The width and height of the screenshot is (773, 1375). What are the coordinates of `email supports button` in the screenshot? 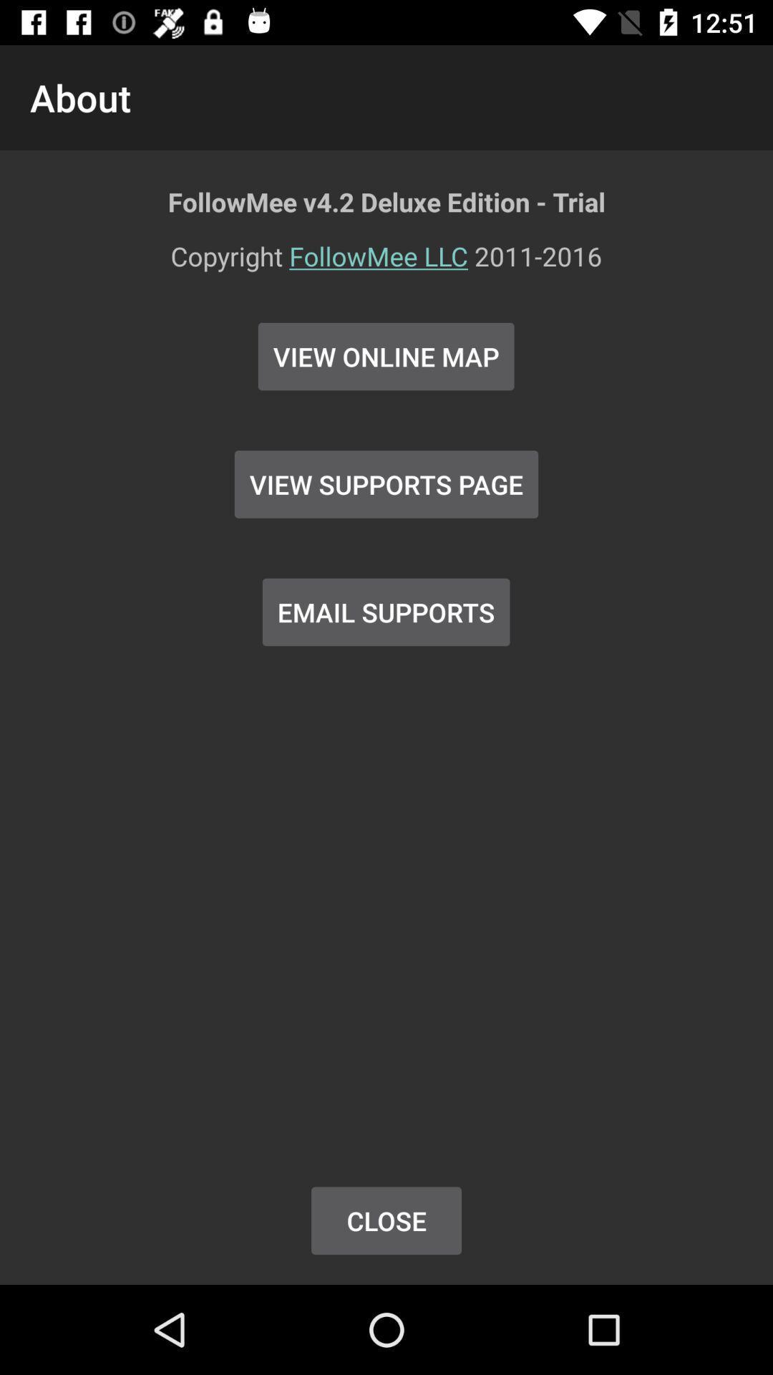 It's located at (385, 612).